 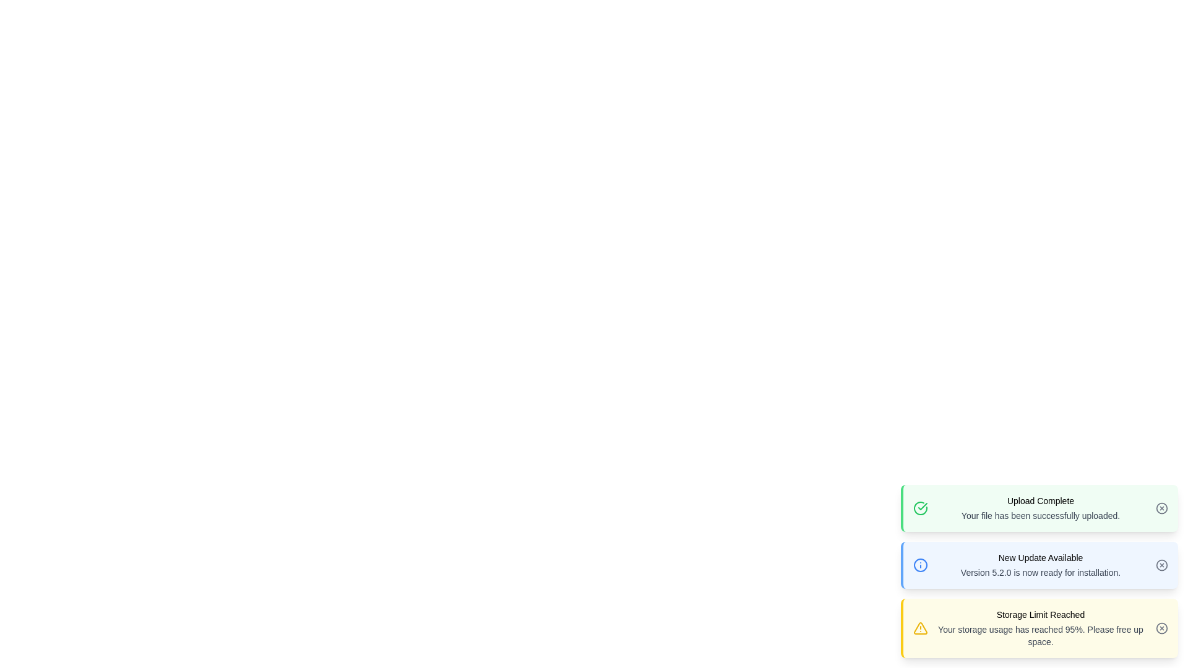 What do you see at coordinates (1039, 508) in the screenshot?
I see `the Text Area displaying the upload status message, which confirms the successful completion of the file upload` at bounding box center [1039, 508].